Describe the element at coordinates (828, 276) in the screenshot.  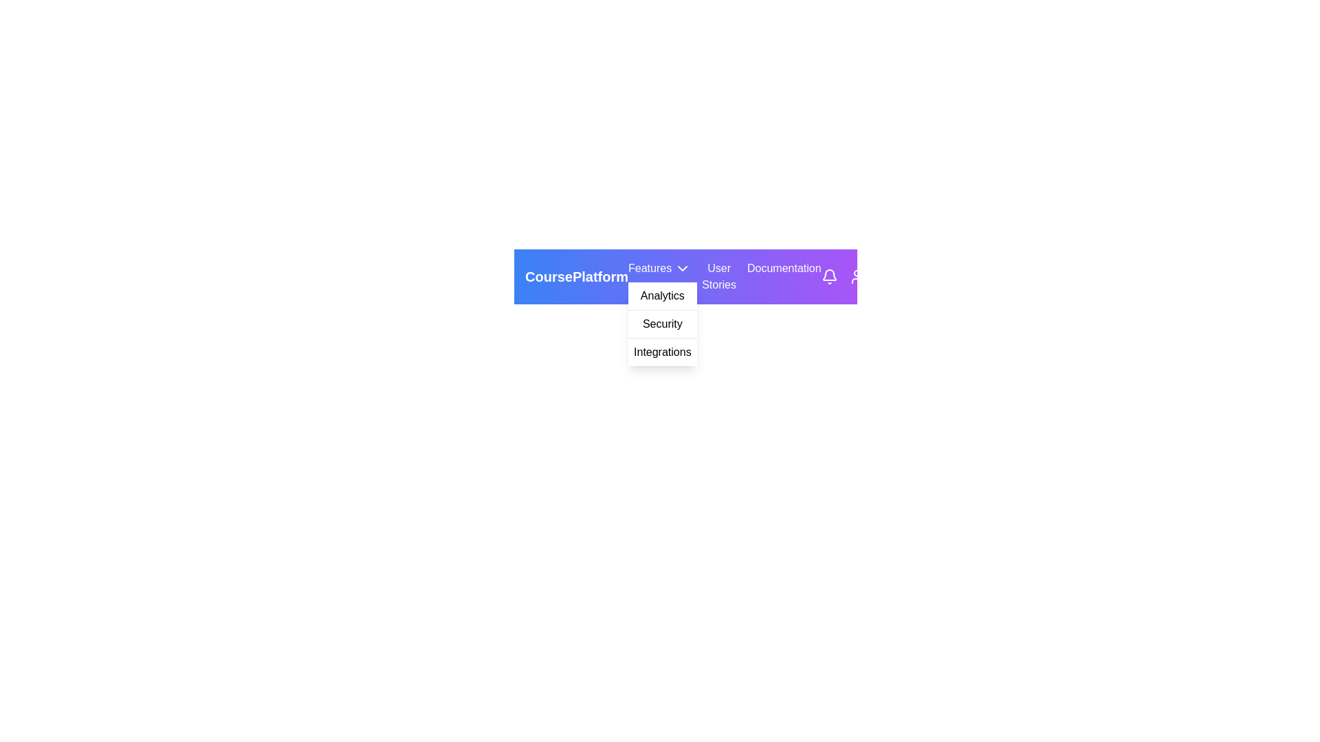
I see `the notification icon button located on the far right side of the navigation bar` at that location.